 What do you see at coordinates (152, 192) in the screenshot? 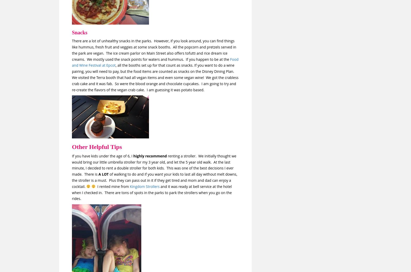
I see `'and it was ready at bell service at the hotel when I checked in.  There are tons of spots in the parks to park the strollers when you go on the rides.'` at bounding box center [152, 192].